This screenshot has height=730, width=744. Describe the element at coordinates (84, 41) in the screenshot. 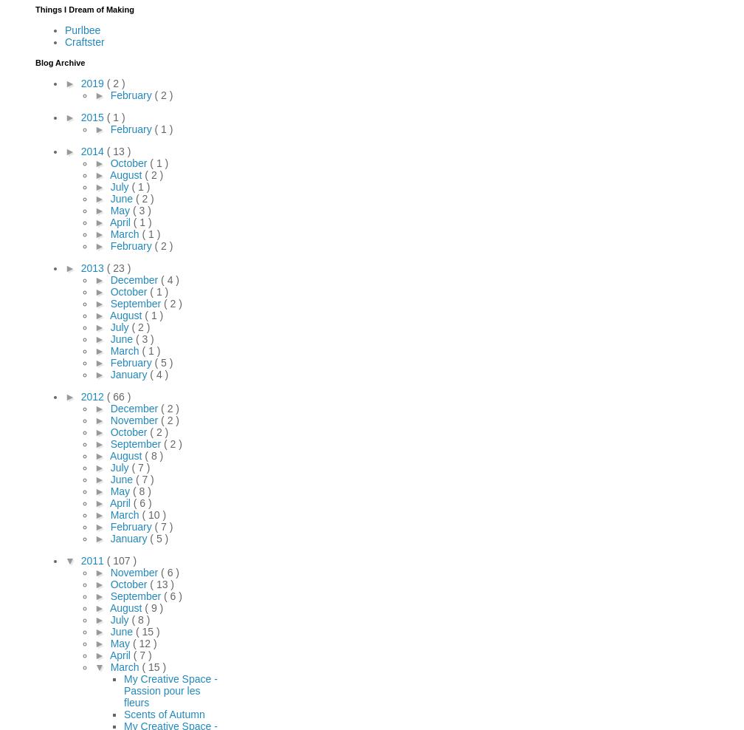

I see `'Craftster'` at that location.